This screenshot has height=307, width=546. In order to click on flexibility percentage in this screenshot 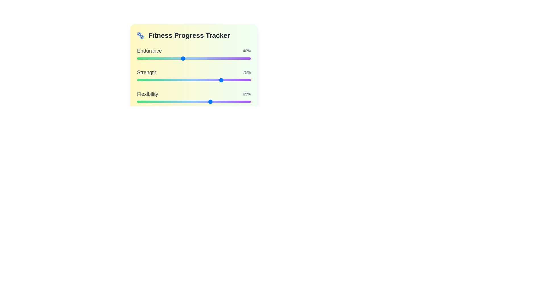, I will do `click(238, 101)`.